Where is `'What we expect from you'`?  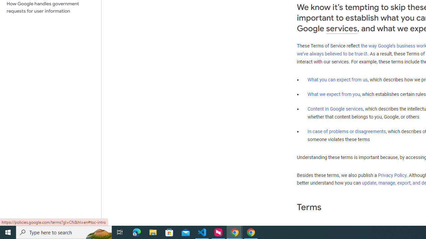 'What we expect from you' is located at coordinates (333, 94).